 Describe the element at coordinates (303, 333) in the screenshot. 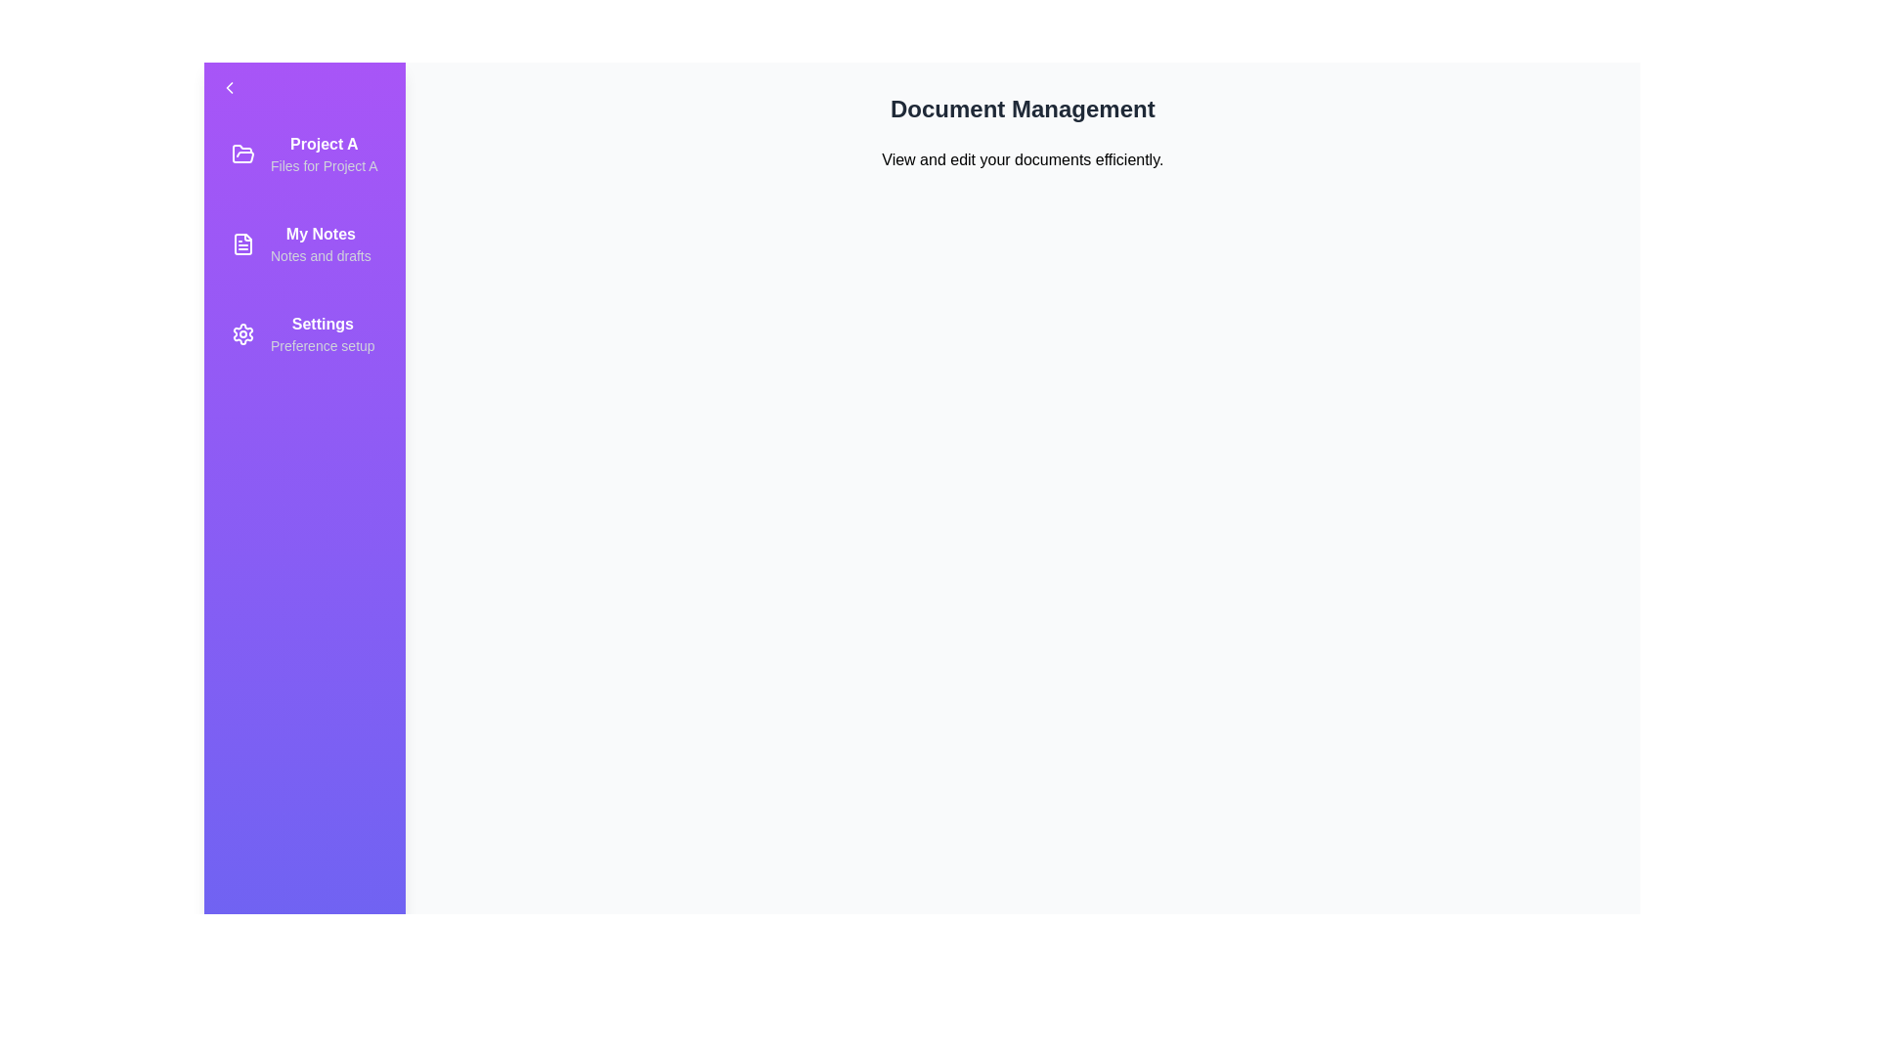

I see `the item Settings to trigger its hover effect` at that location.